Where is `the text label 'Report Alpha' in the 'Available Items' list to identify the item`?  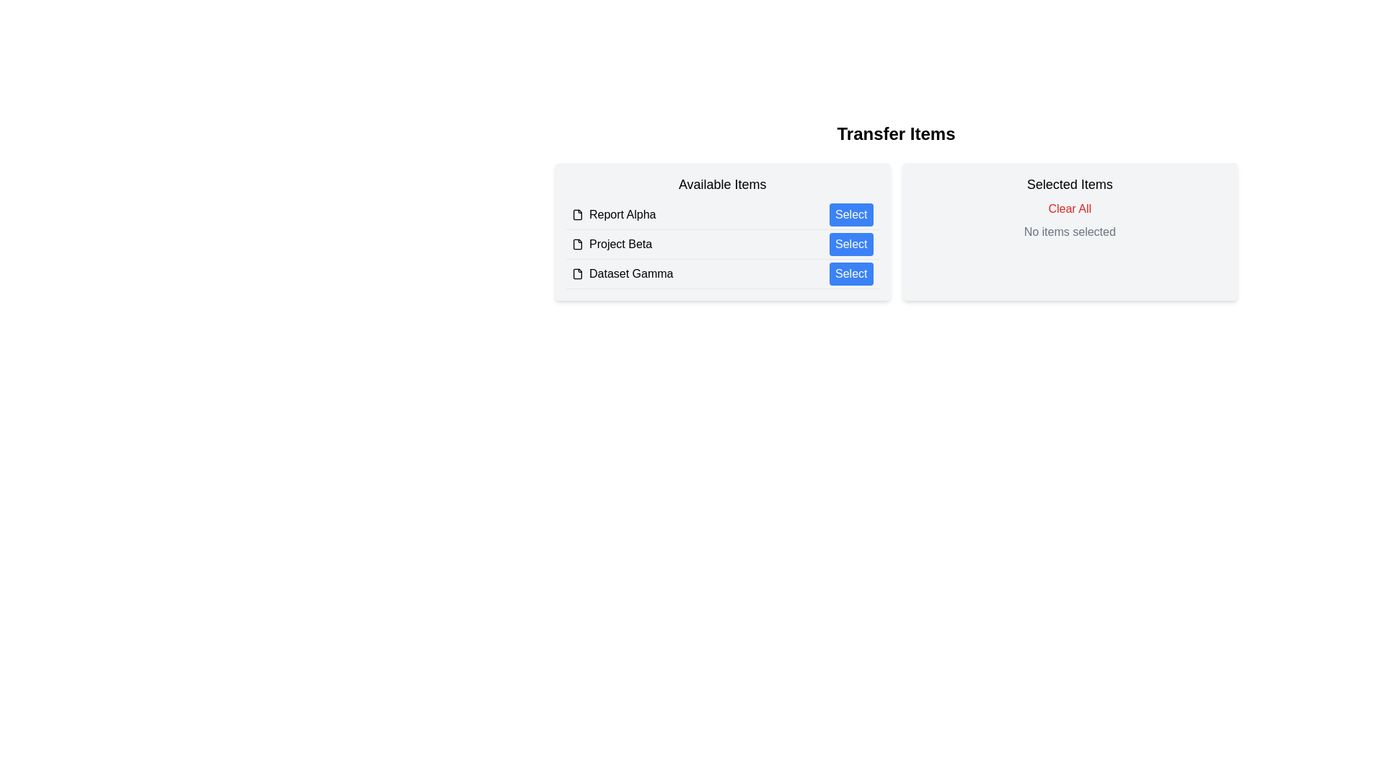
the text label 'Report Alpha' in the 'Available Items' list to identify the item is located at coordinates (623, 214).